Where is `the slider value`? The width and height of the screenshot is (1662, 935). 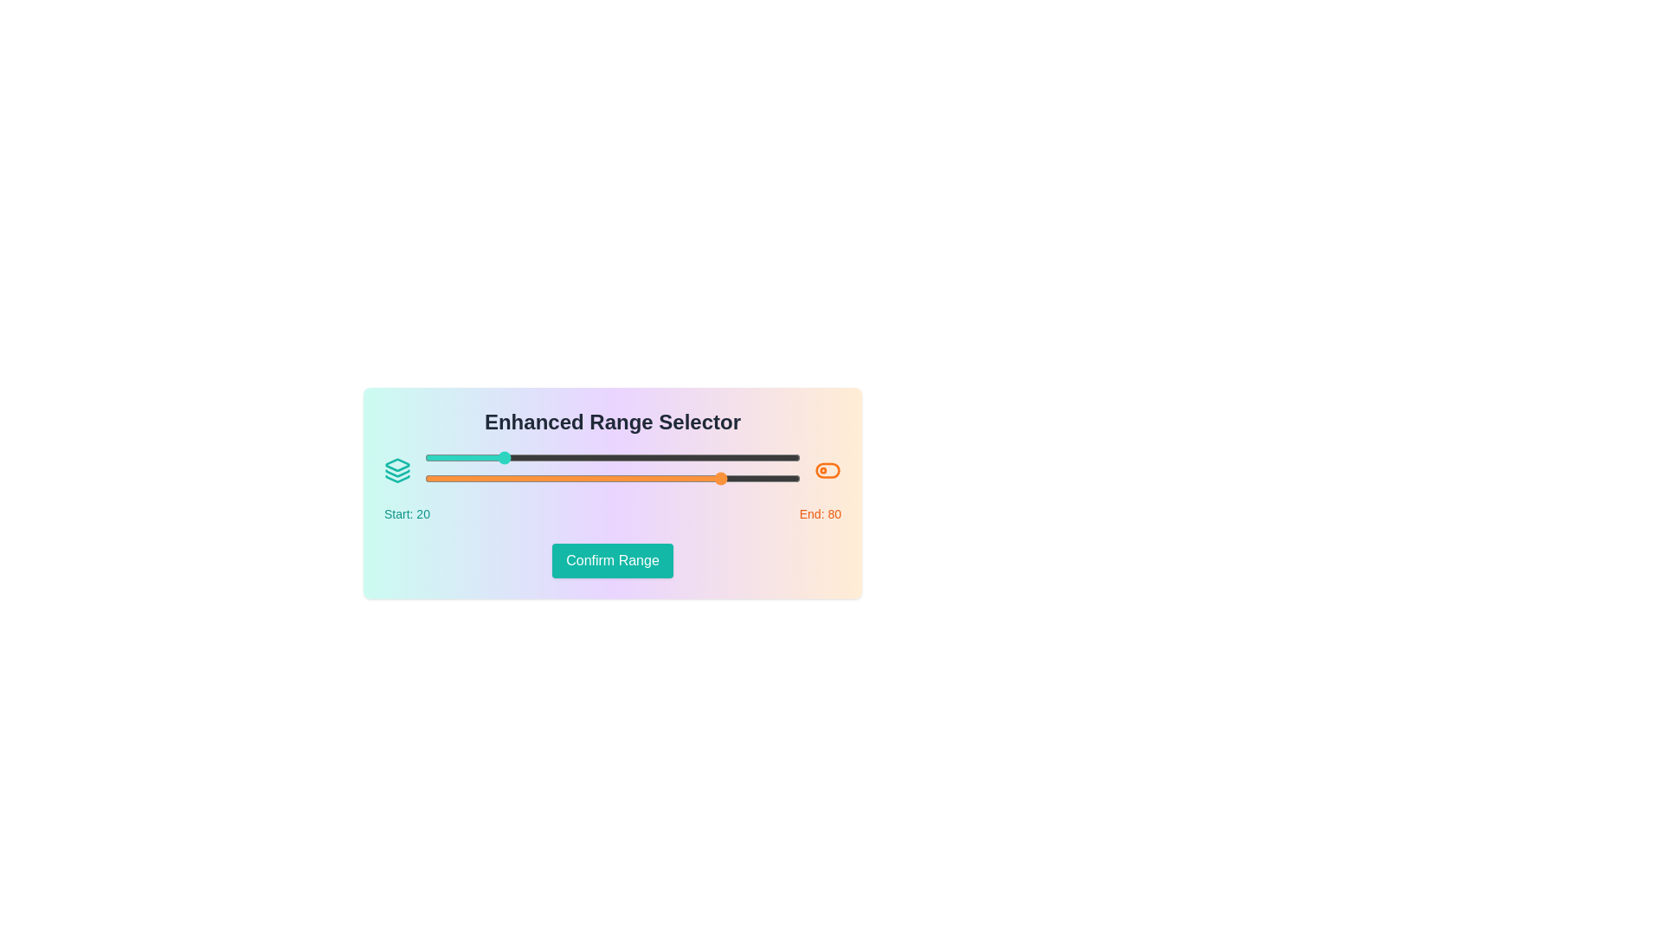
the slider value is located at coordinates (667, 478).